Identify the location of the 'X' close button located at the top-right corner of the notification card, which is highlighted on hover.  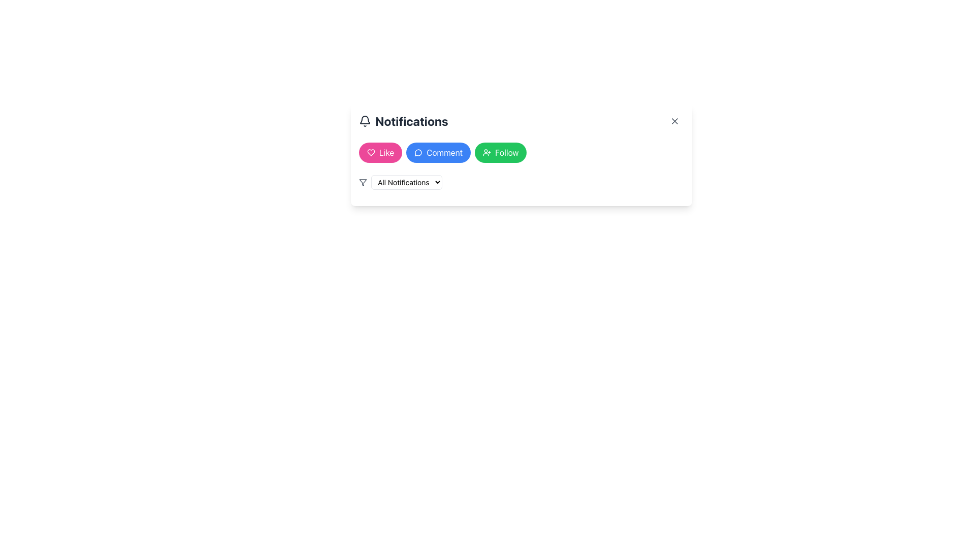
(675, 121).